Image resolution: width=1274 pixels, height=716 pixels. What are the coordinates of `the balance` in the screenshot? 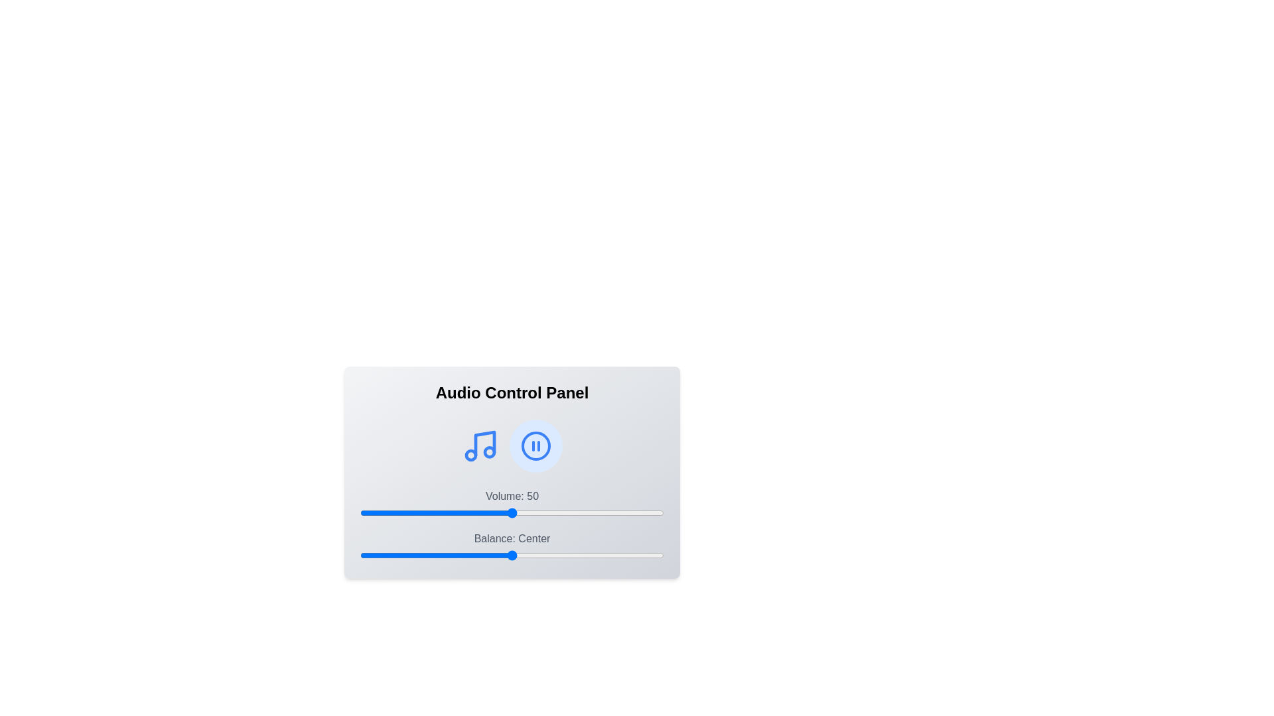 It's located at (599, 555).